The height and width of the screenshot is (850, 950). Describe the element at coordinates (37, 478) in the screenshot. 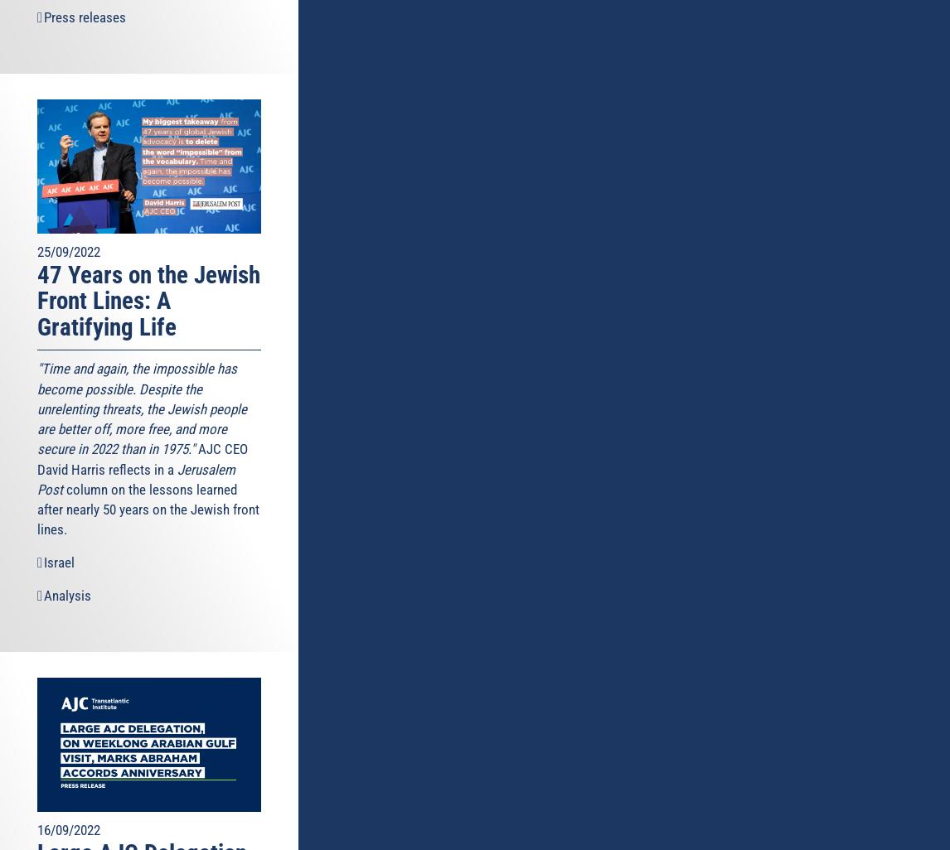

I see `'Jerusalem Post'` at that location.